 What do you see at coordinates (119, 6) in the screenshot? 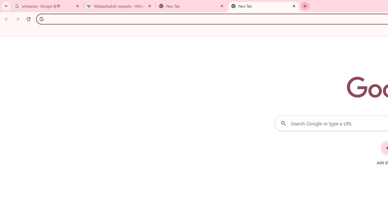
I see `'Wikipedia:Edit requests - Wikipedia'` at bounding box center [119, 6].